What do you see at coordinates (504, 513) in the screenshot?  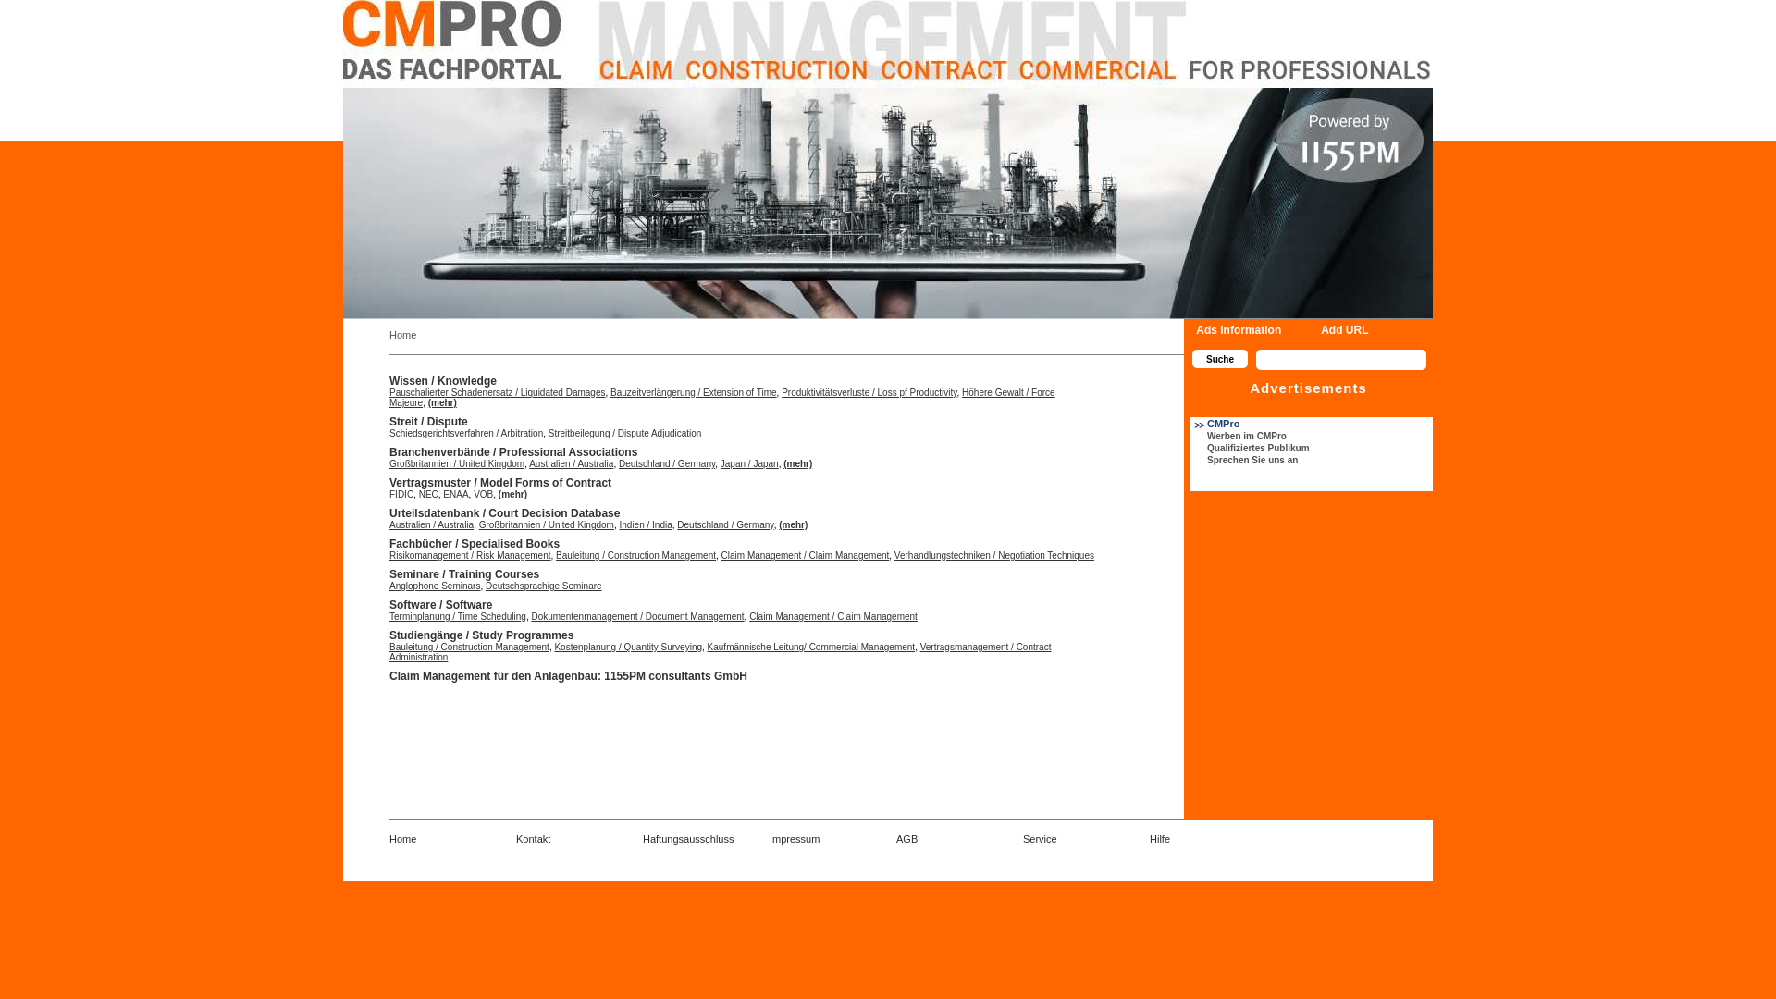 I see `'Urteilsdatenbank / Court Decision Database'` at bounding box center [504, 513].